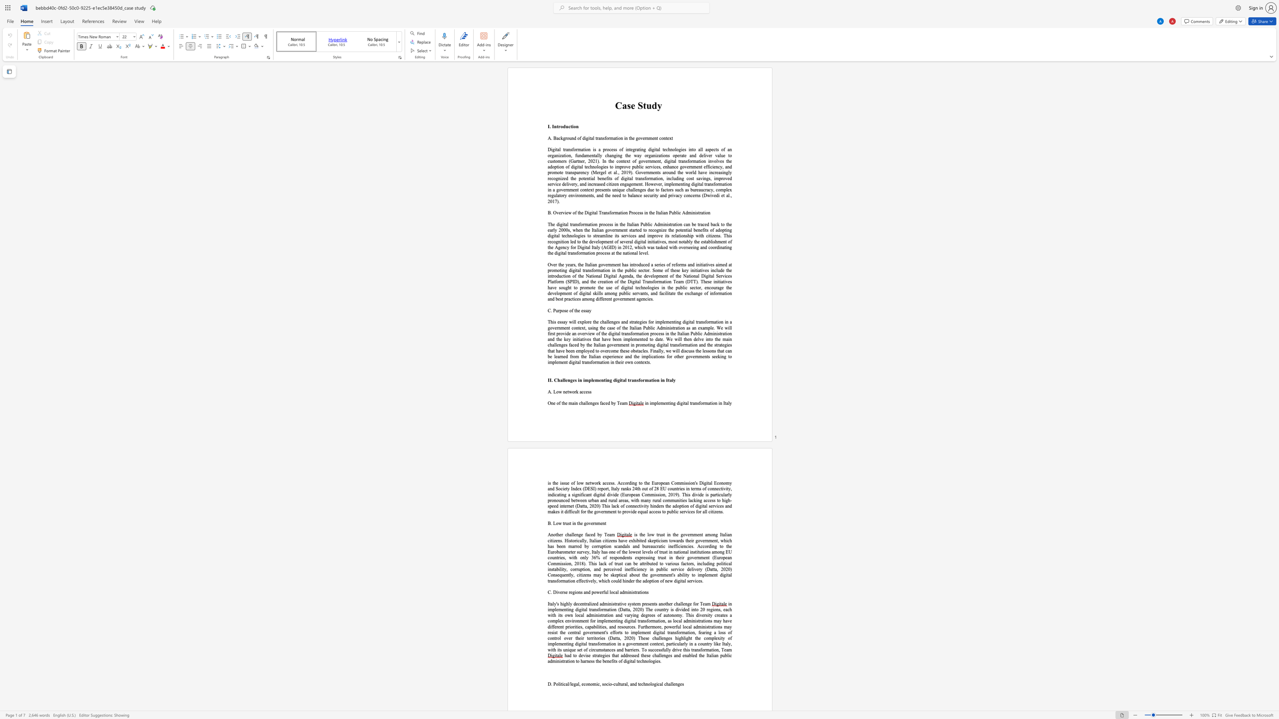 The height and width of the screenshot is (719, 1279). Describe the element at coordinates (599, 534) in the screenshot. I see `the subset text "y Team" within the text "Another challenge faced by Team"` at that location.